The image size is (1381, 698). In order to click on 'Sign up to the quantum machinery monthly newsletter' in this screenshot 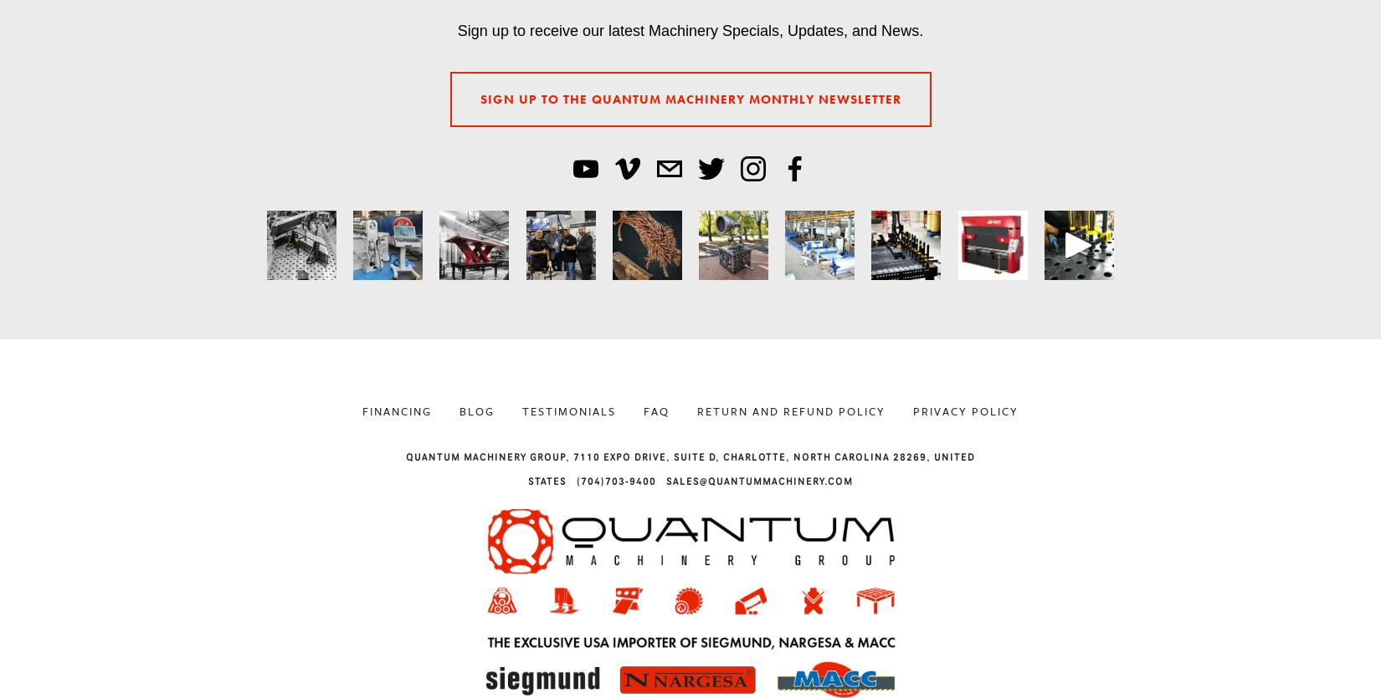, I will do `click(689, 97)`.